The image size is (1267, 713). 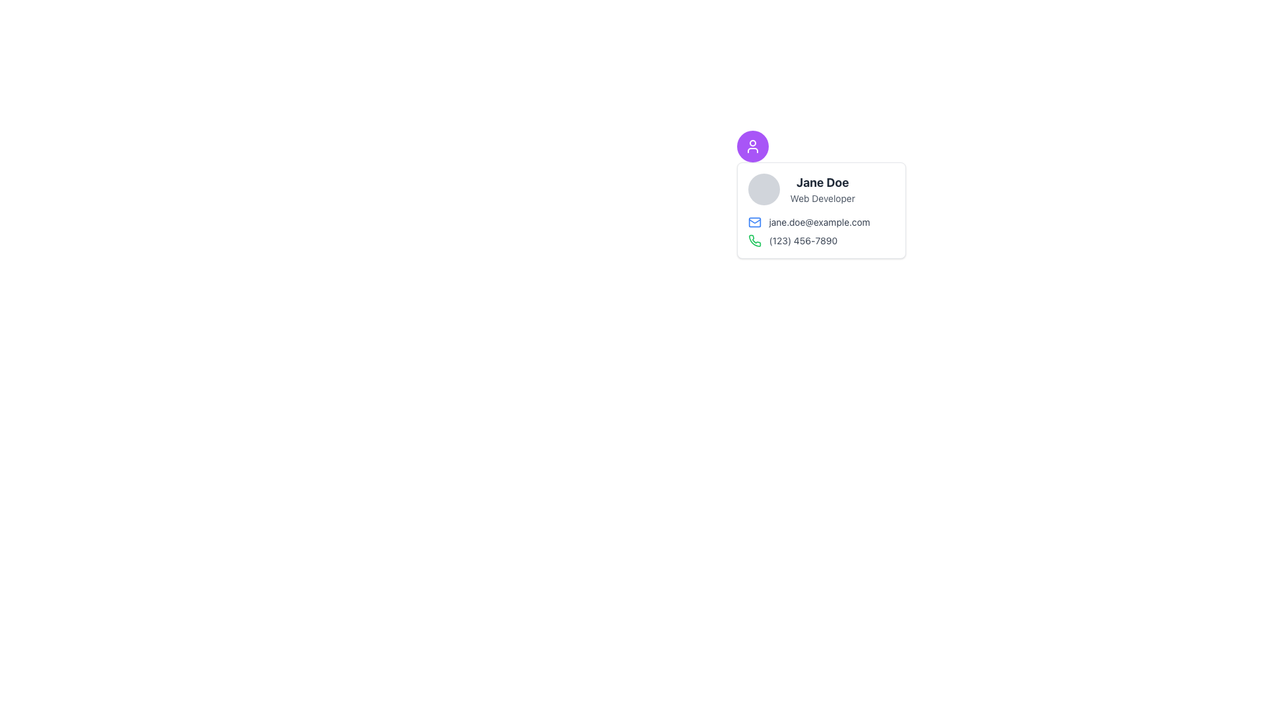 What do you see at coordinates (754, 240) in the screenshot?
I see `the unique green phone icon in the contact card layout, located to the right of the email address and above the phone number` at bounding box center [754, 240].